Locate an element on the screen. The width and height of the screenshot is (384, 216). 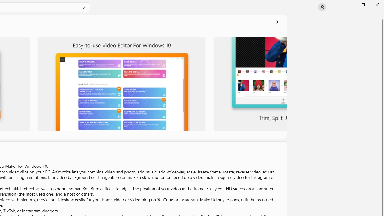
'Vertical Small Decrease' is located at coordinates (381, 16).